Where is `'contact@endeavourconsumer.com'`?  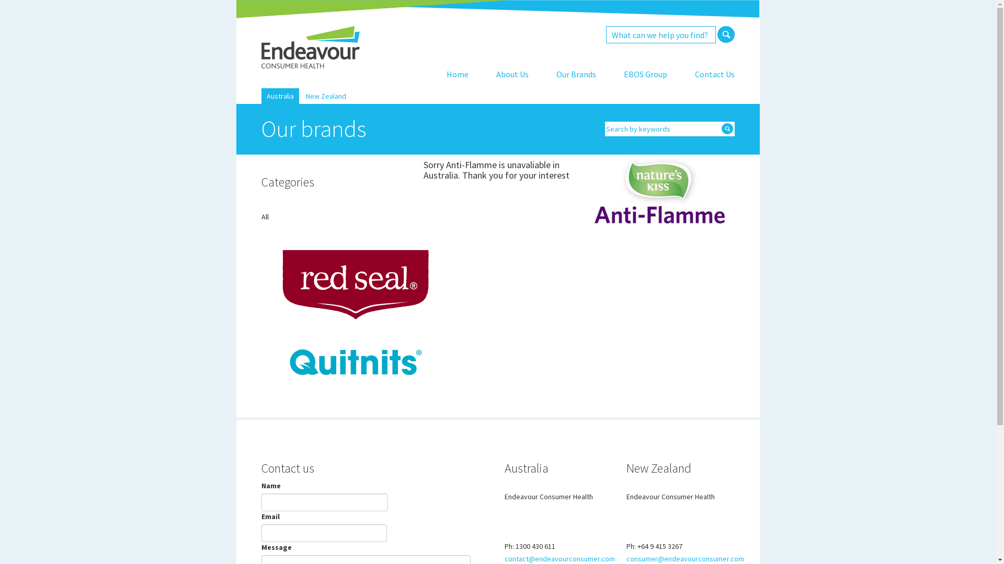 'contact@endeavourconsumer.com' is located at coordinates (559, 558).